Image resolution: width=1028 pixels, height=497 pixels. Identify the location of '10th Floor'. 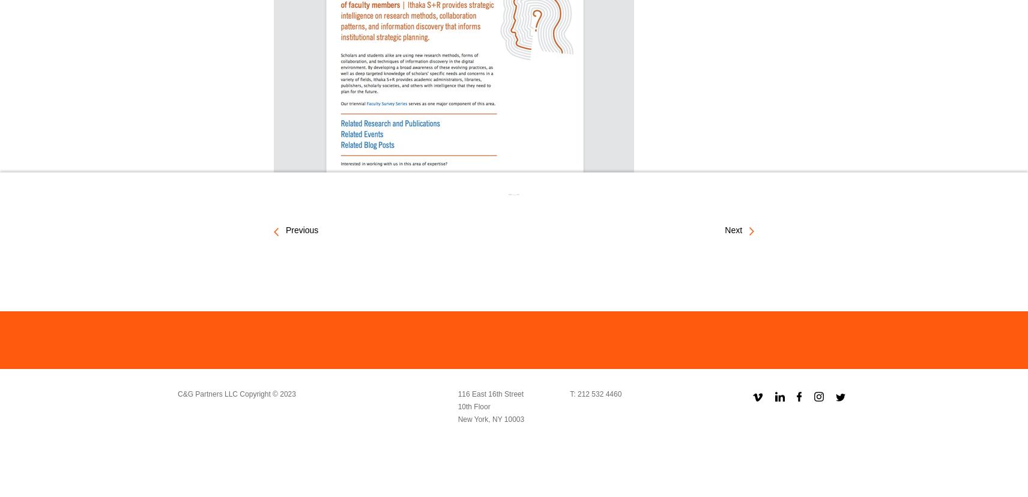
(474, 406).